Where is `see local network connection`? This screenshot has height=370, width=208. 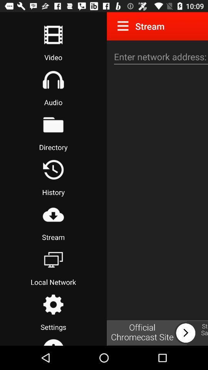 see local network connection is located at coordinates (53, 259).